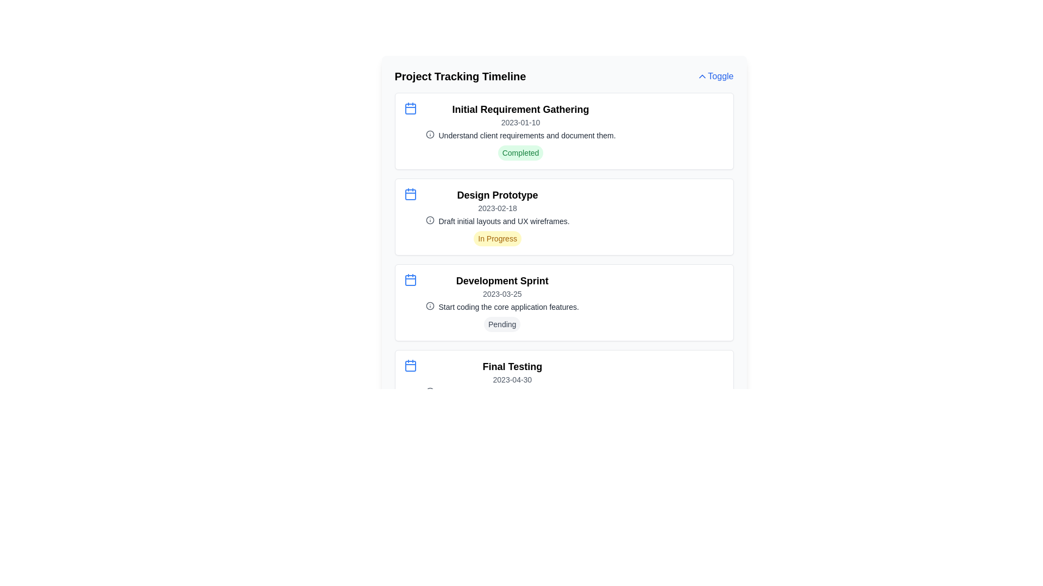 This screenshot has width=1043, height=586. I want to click on the bold, large-sized black text label that reads 'Development Sprint', positioned above the date '2023-03-25', so click(501, 280).